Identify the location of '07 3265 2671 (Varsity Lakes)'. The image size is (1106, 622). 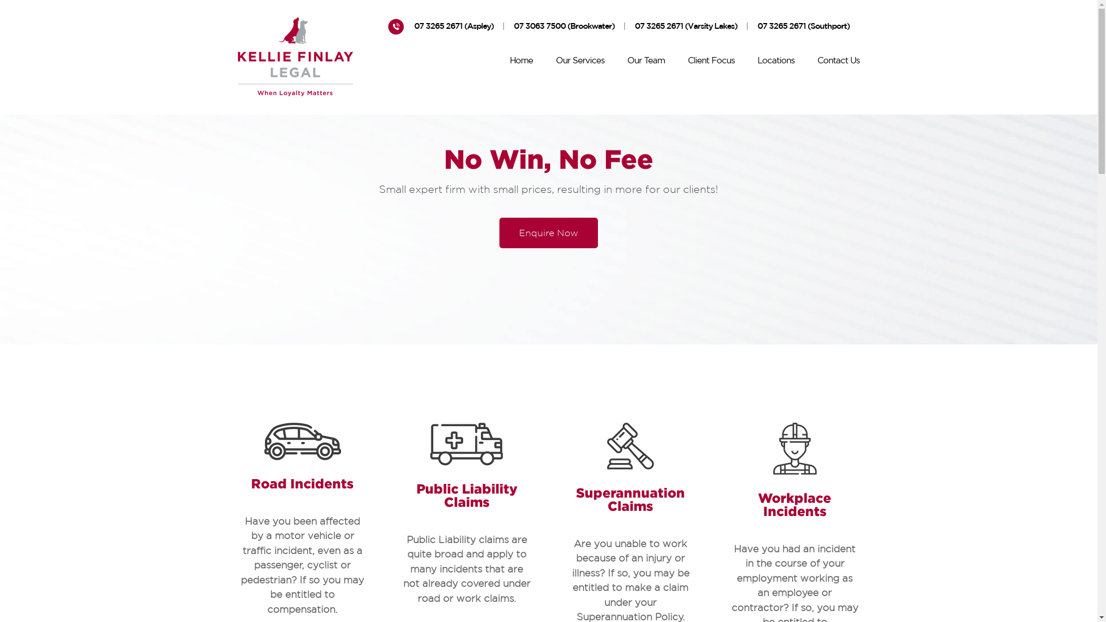
(634, 28).